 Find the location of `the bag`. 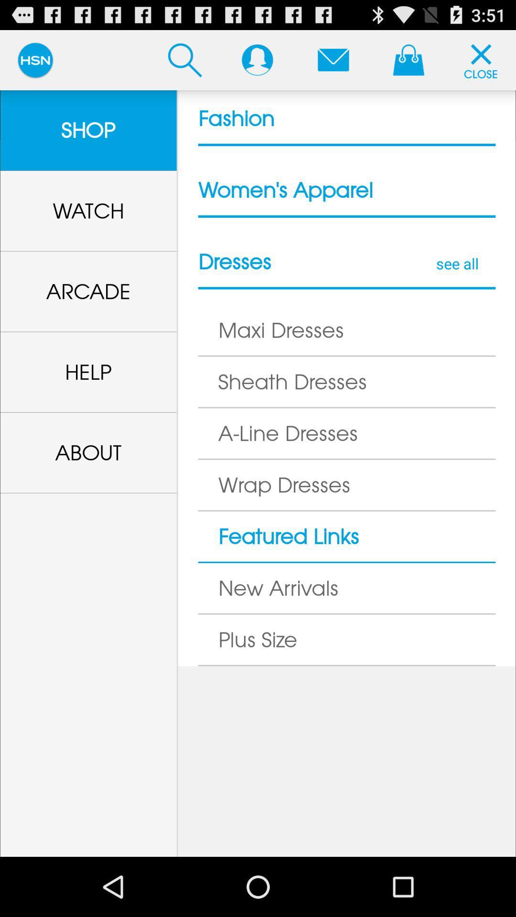

the bag is located at coordinates (408, 59).